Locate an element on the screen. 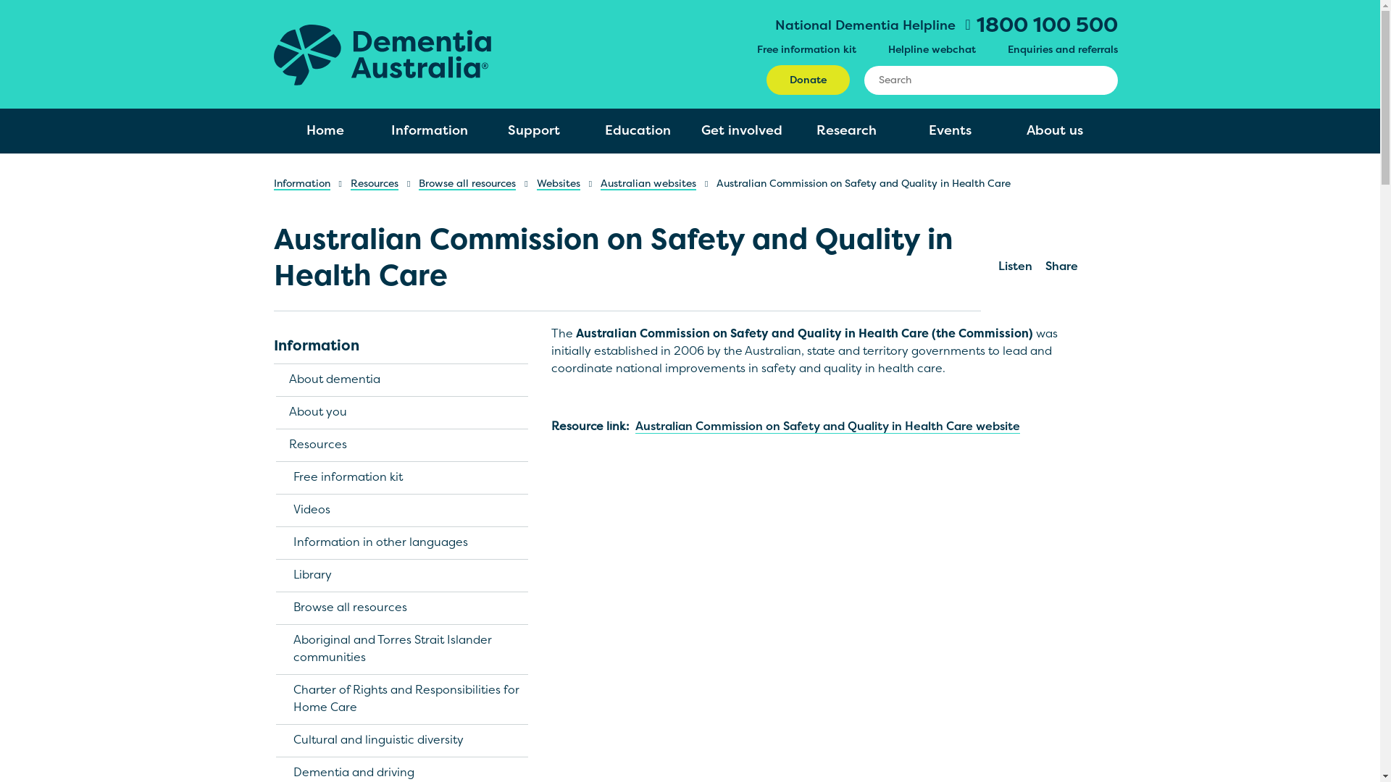 Image resolution: width=1391 pixels, height=782 pixels. 'Videos' is located at coordinates (402, 510).